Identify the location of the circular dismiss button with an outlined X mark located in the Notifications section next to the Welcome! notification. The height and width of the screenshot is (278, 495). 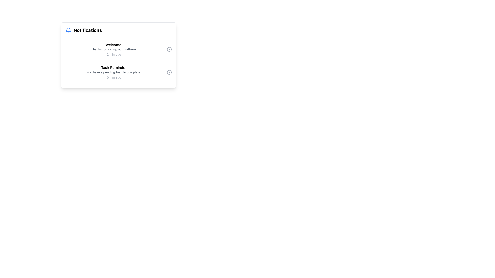
(169, 49).